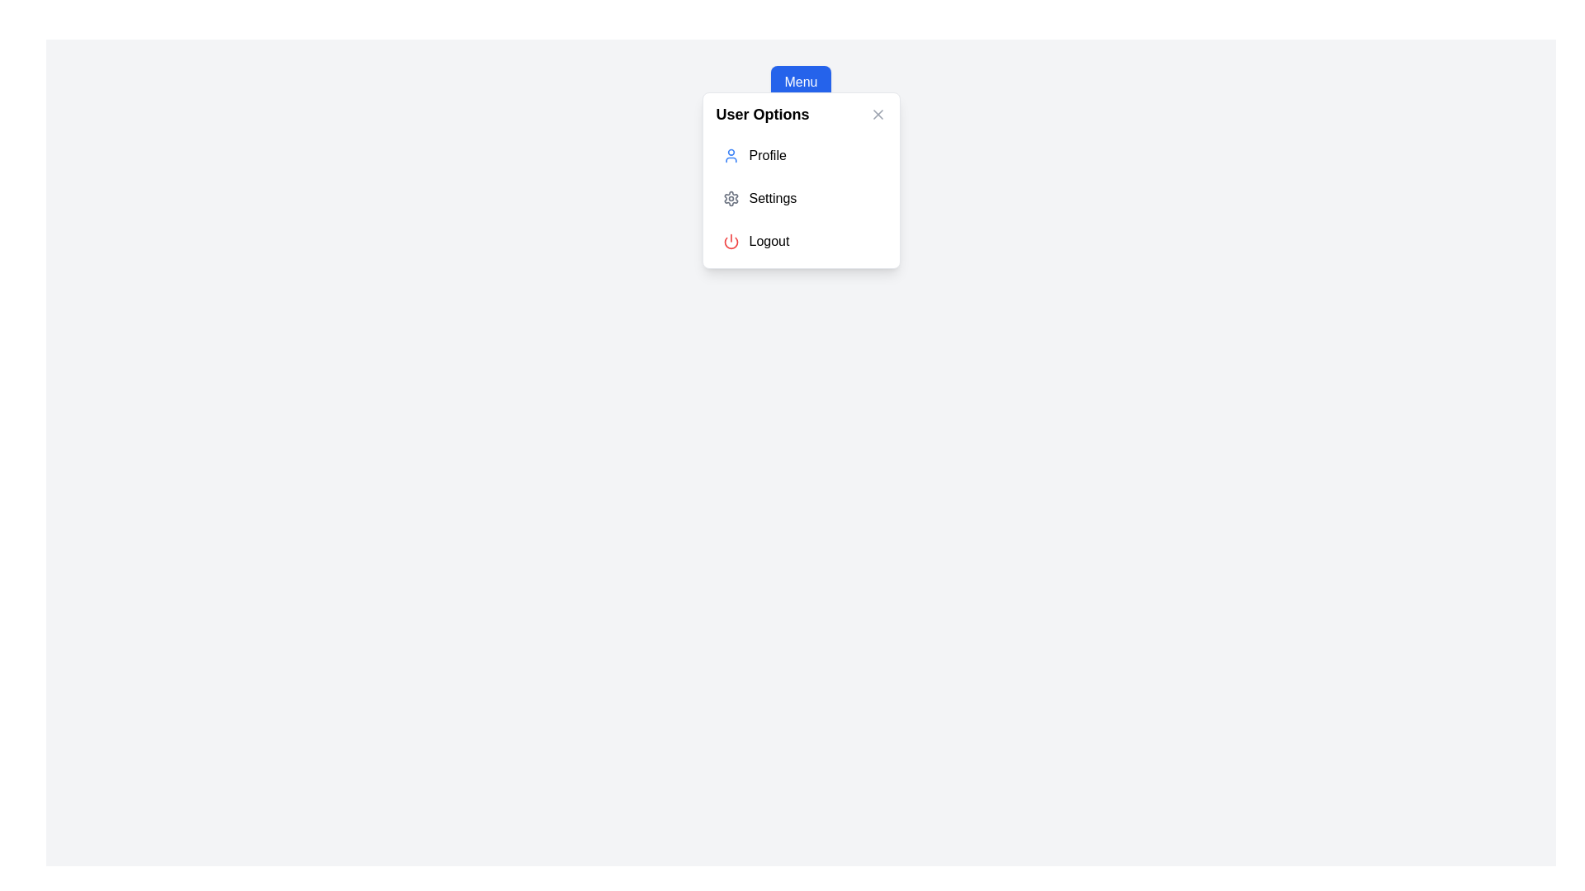 The image size is (1585, 891). What do you see at coordinates (730, 197) in the screenshot?
I see `the gear-like settings icon located inside the 'Settings' option of the dropdown menu under 'User Options', which is rendered in gray and appears to the left of the text 'Settings'` at bounding box center [730, 197].